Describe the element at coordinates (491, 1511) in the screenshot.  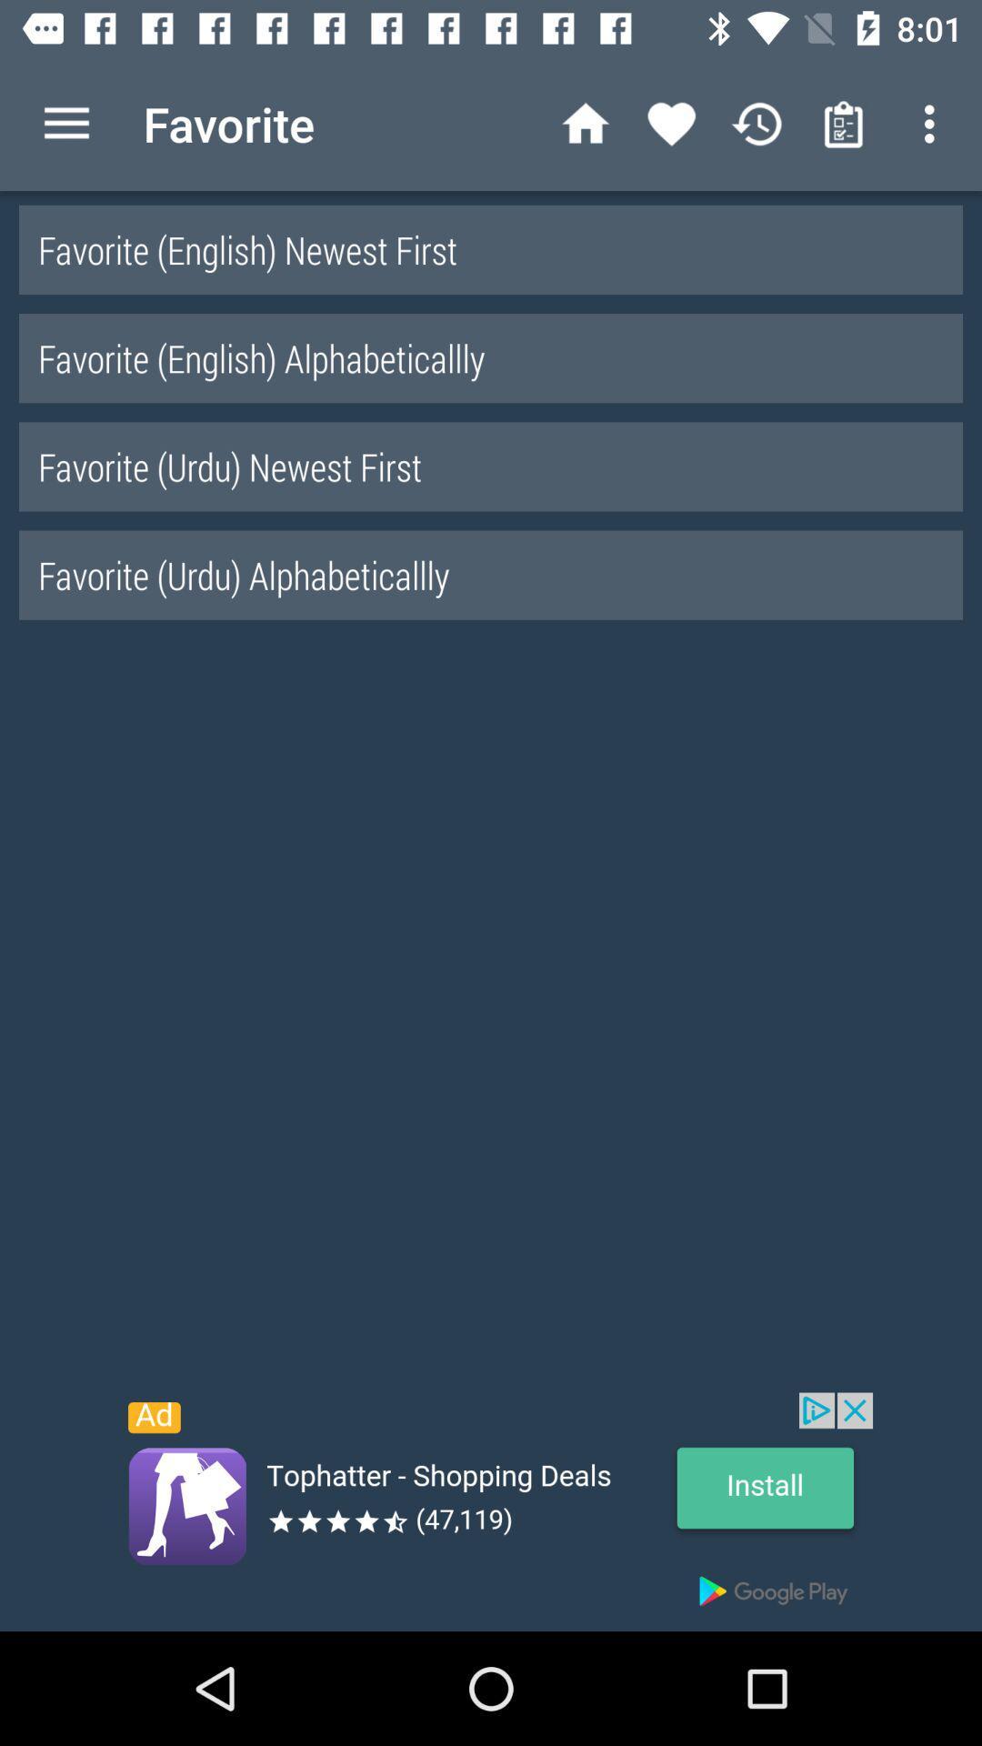
I see `open advertisement` at that location.